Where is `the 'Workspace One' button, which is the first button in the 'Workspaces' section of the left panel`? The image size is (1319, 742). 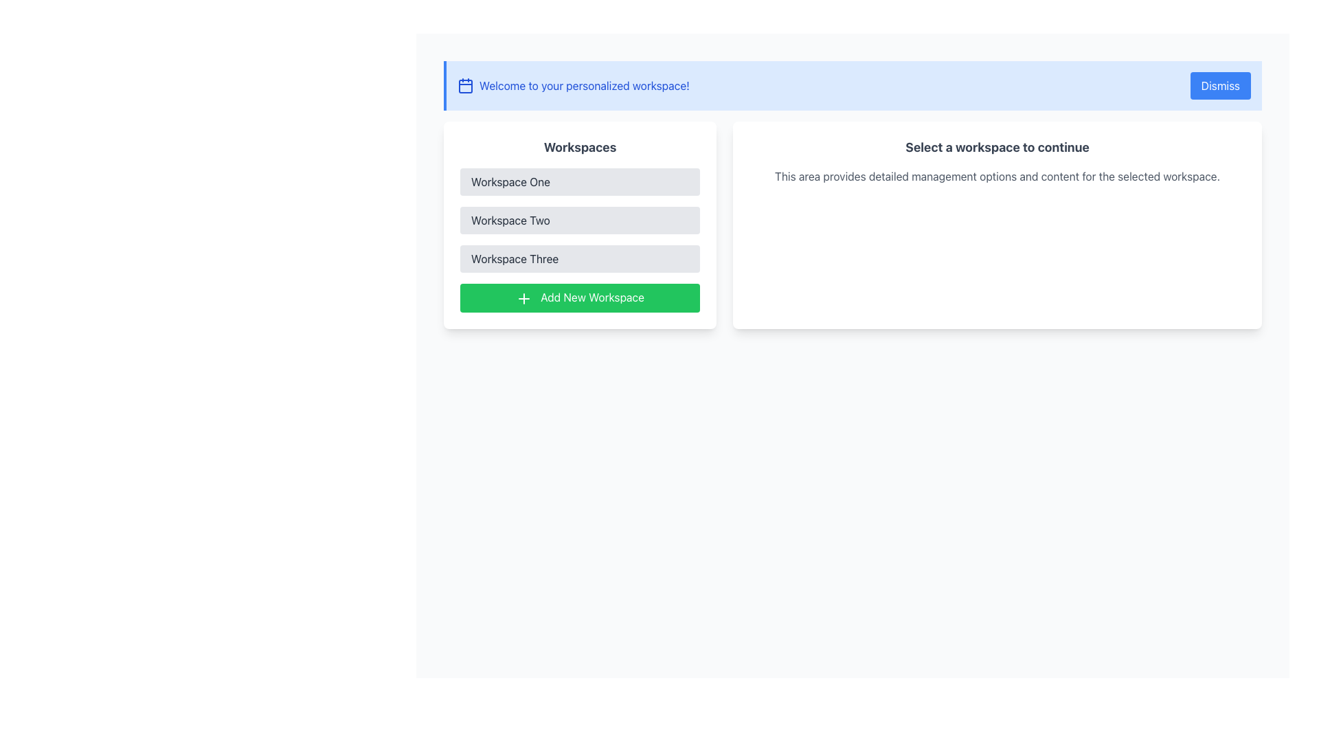 the 'Workspace One' button, which is the first button in the 'Workspaces' section of the left panel is located at coordinates (580, 181).